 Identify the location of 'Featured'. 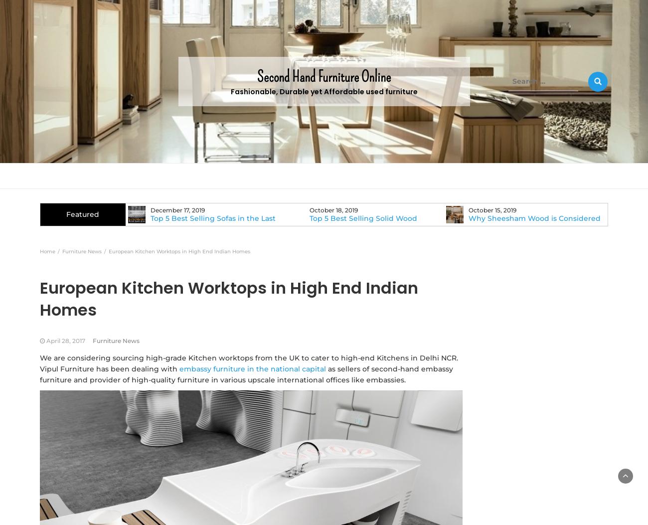
(83, 214).